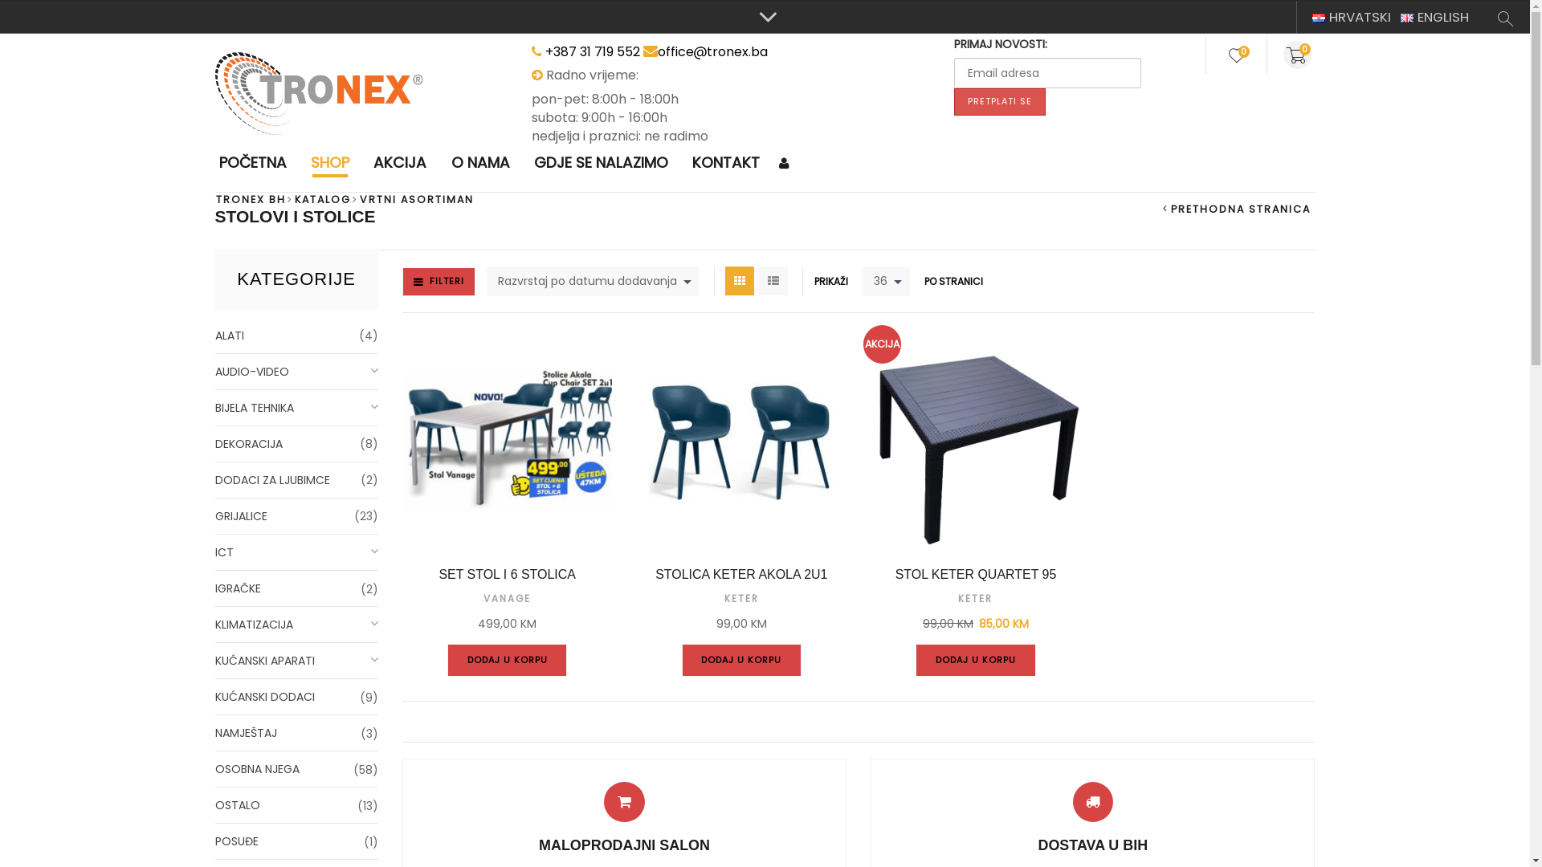 The image size is (1542, 867). I want to click on '0', so click(1287, 54).